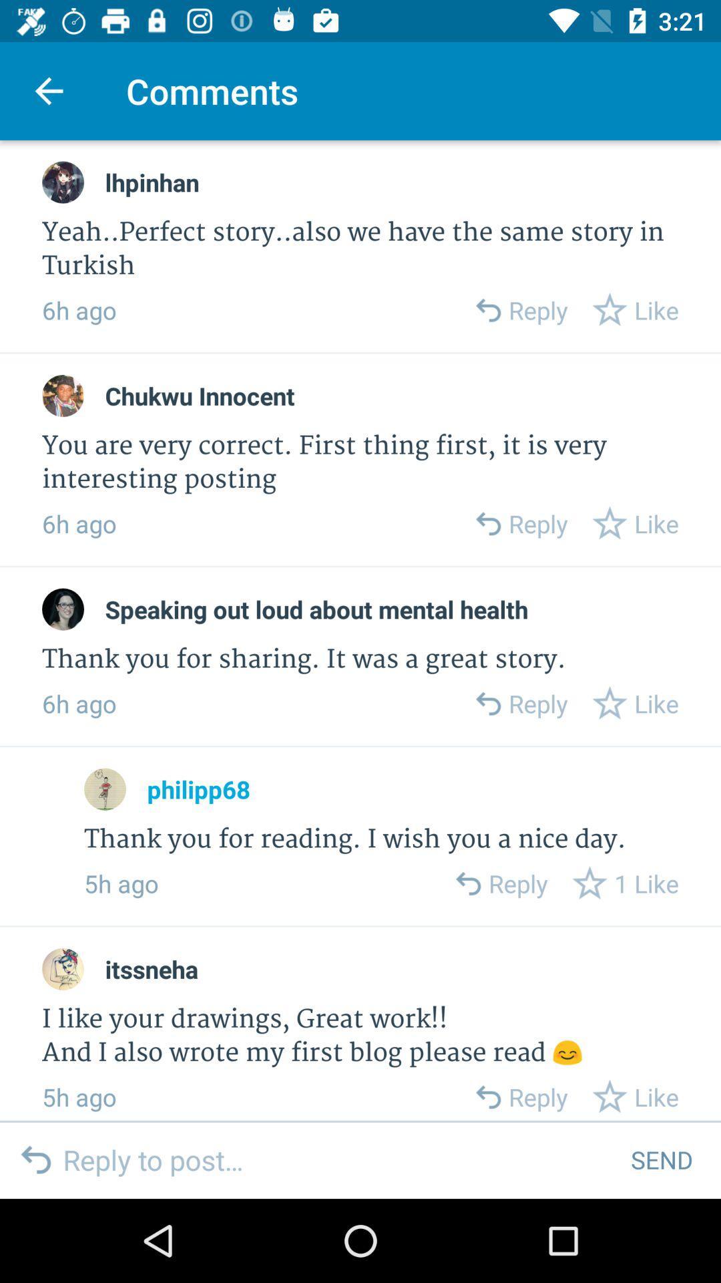  I want to click on item above the i like your icon, so click(151, 969).